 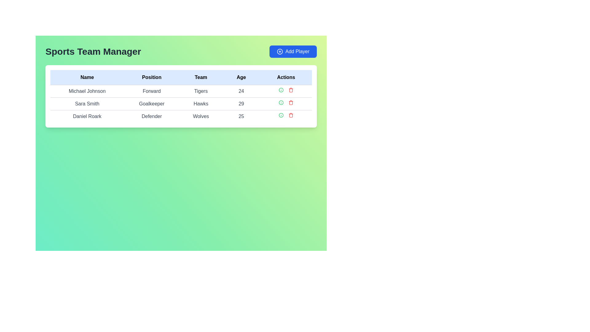 What do you see at coordinates (241, 91) in the screenshot?
I see `the text displaying the age of the player named 'Michael Johnson' in the Age column of the table, which is located between the 'Team' column (Tigers) and the 'Actions' column` at bounding box center [241, 91].